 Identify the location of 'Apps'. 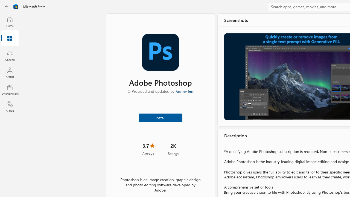
(10, 38).